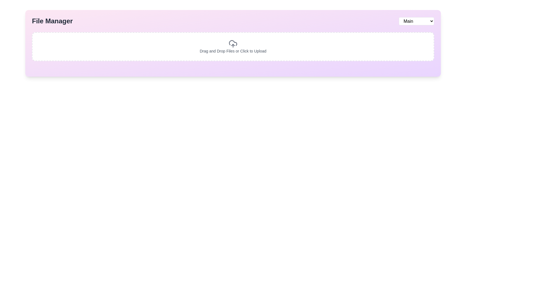 This screenshot has height=300, width=534. Describe the element at coordinates (416, 21) in the screenshot. I see `the dropdown menu located on the far right of the 'File Manager' header section for keyboard navigation` at that location.